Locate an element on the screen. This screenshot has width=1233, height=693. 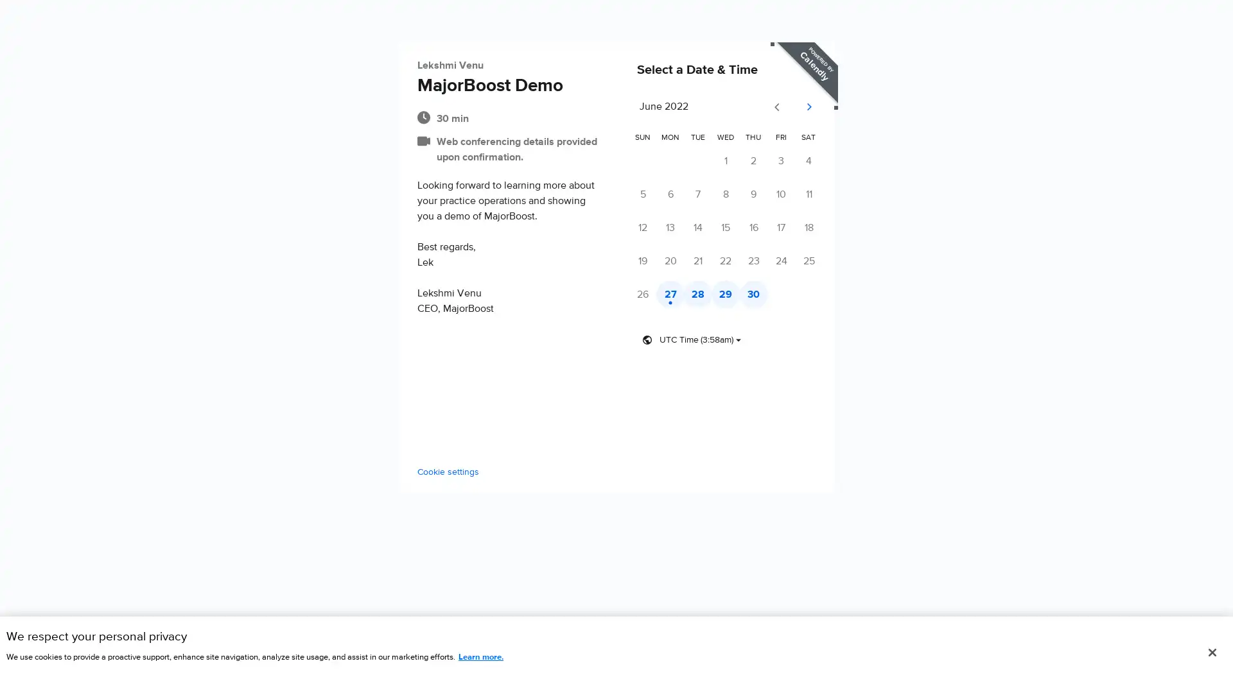
Timezone dropdown button is located at coordinates (691, 340).